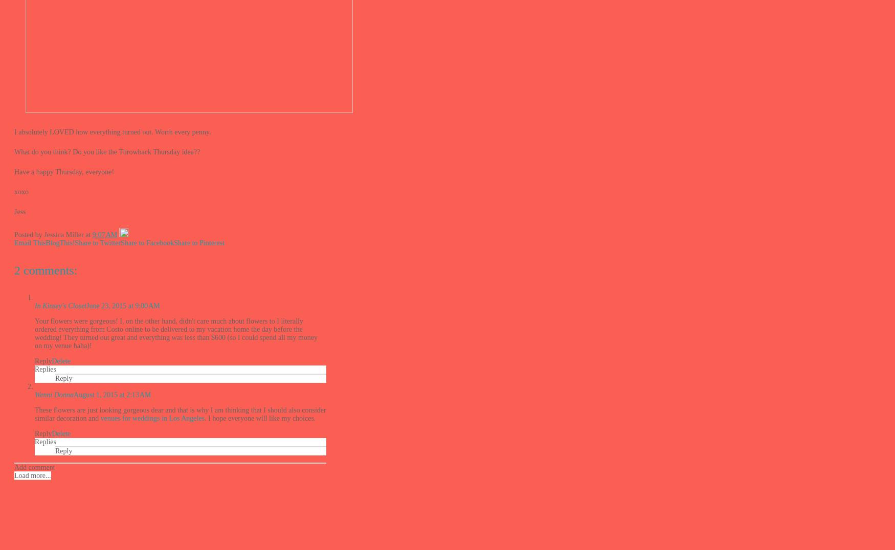 This screenshot has width=895, height=550. Describe the element at coordinates (46, 269) in the screenshot. I see `'2 comments:'` at that location.